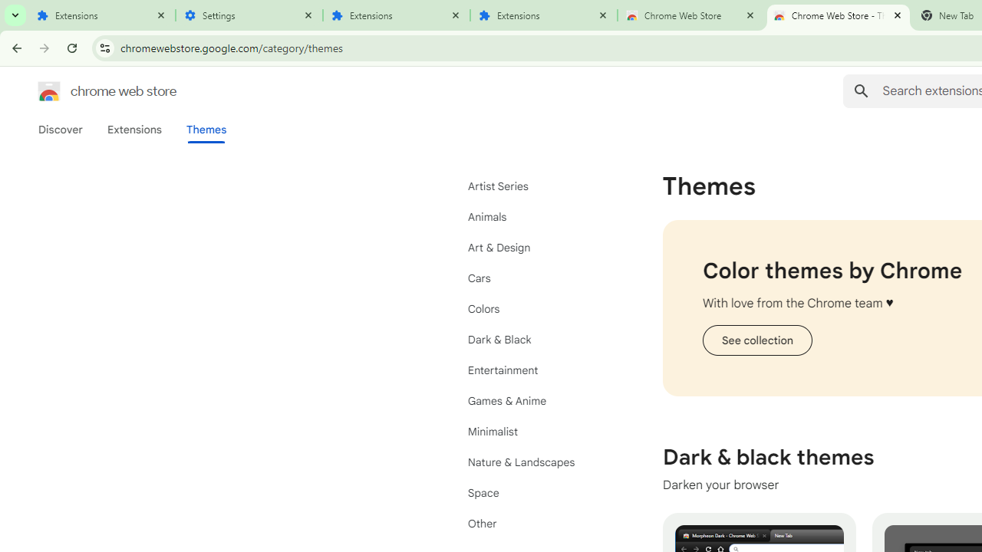 This screenshot has height=552, width=982. What do you see at coordinates (537, 370) in the screenshot?
I see `'Entertainment'` at bounding box center [537, 370].